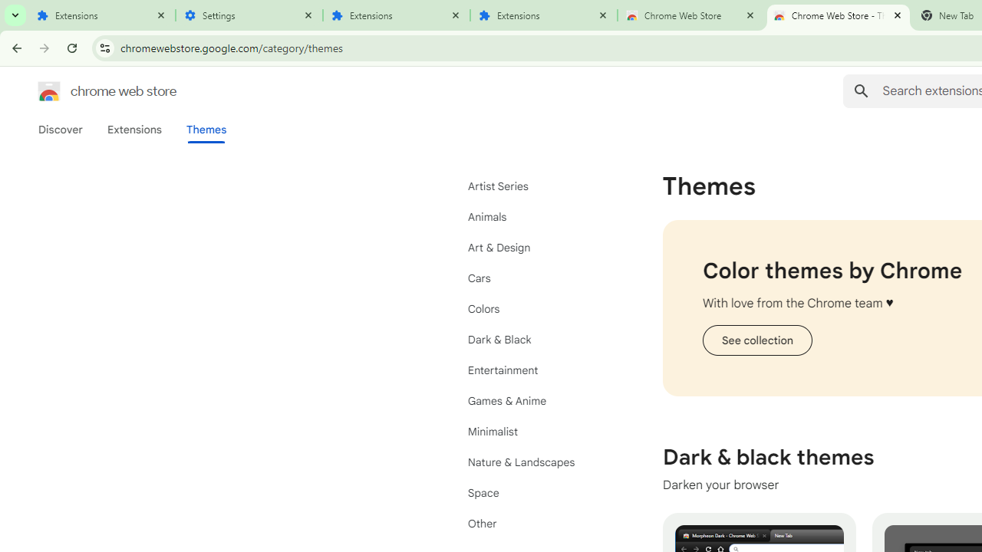 This screenshot has height=552, width=982. What do you see at coordinates (537, 370) in the screenshot?
I see `'Entertainment'` at bounding box center [537, 370].